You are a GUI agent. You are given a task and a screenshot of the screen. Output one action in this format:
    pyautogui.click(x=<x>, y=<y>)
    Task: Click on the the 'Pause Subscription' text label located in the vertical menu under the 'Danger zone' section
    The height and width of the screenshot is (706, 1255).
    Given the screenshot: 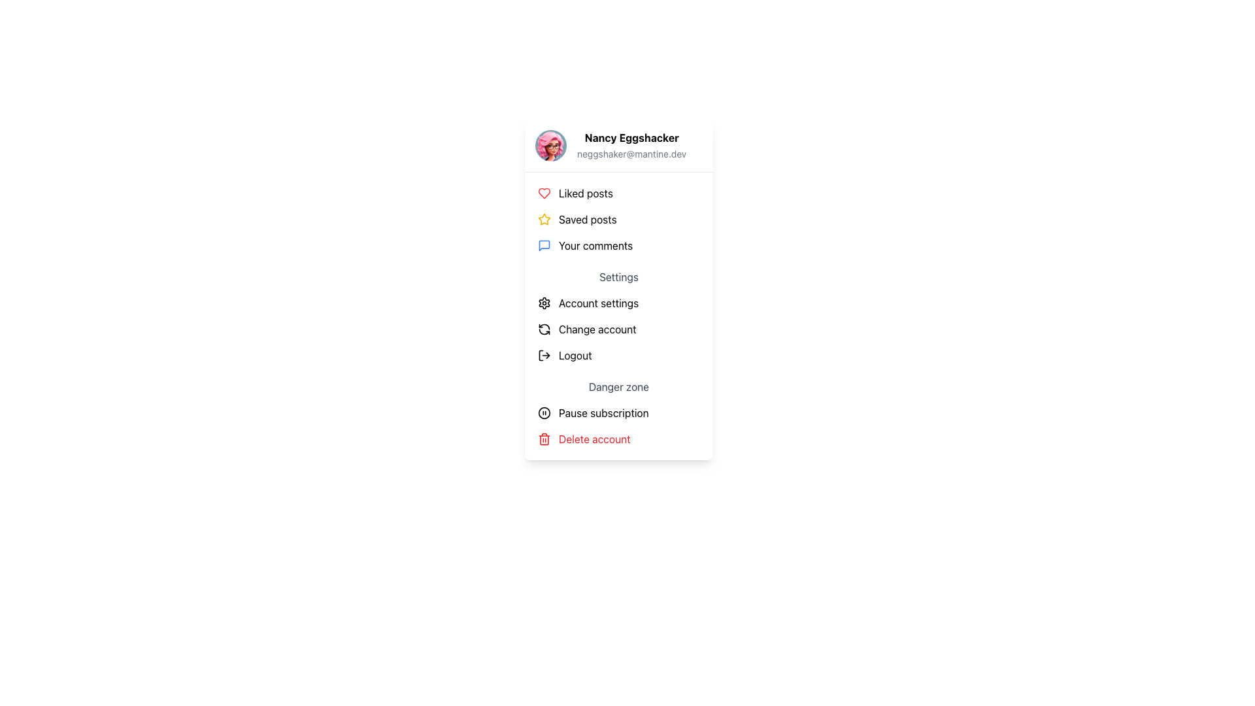 What is the action you would take?
    pyautogui.click(x=603, y=413)
    